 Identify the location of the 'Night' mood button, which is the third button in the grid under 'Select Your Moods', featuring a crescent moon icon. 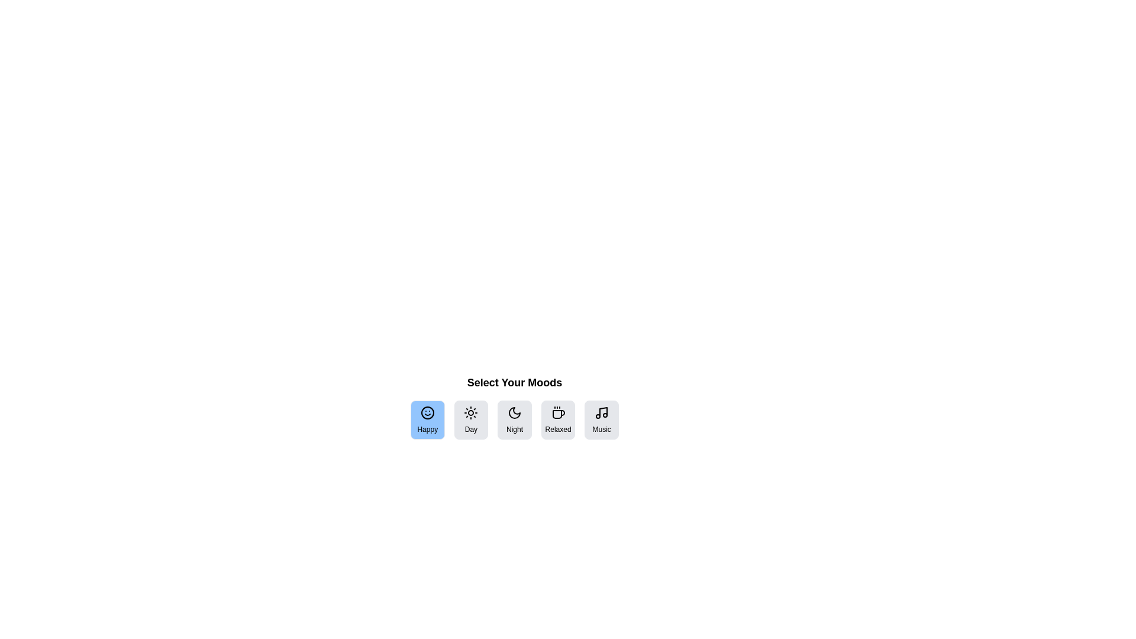
(514, 406).